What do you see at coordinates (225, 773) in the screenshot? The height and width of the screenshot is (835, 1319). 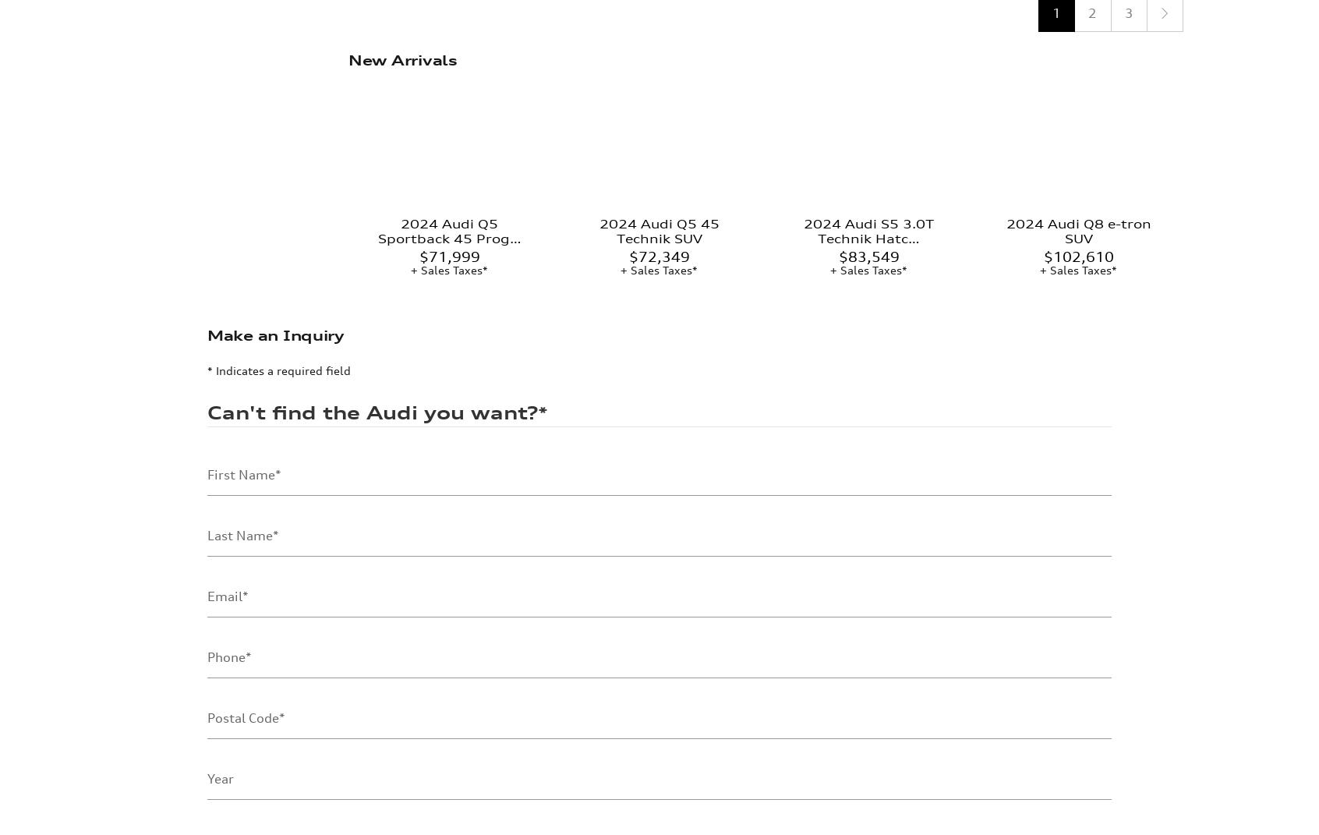 I see `'Model'` at bounding box center [225, 773].